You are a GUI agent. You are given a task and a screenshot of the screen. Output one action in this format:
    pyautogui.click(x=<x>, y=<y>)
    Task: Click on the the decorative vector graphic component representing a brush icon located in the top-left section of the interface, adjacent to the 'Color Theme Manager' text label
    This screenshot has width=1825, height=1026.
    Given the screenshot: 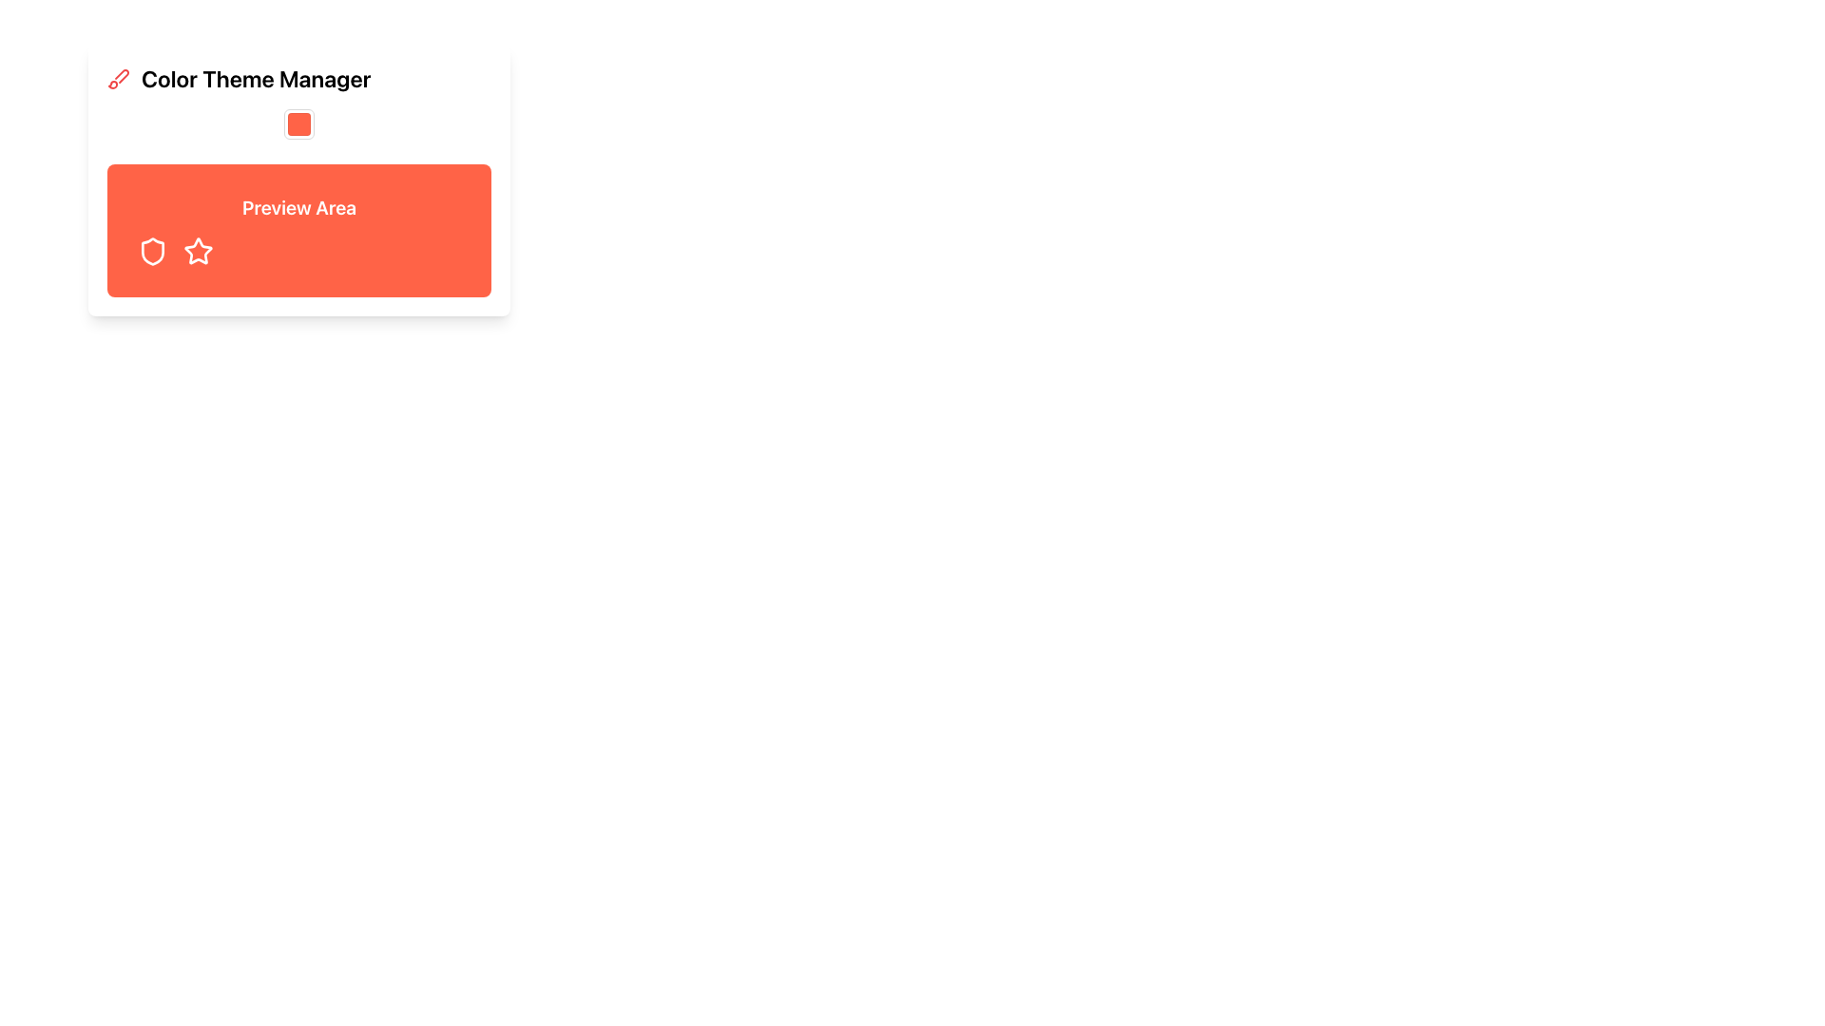 What is the action you would take?
    pyautogui.click(x=121, y=75)
    